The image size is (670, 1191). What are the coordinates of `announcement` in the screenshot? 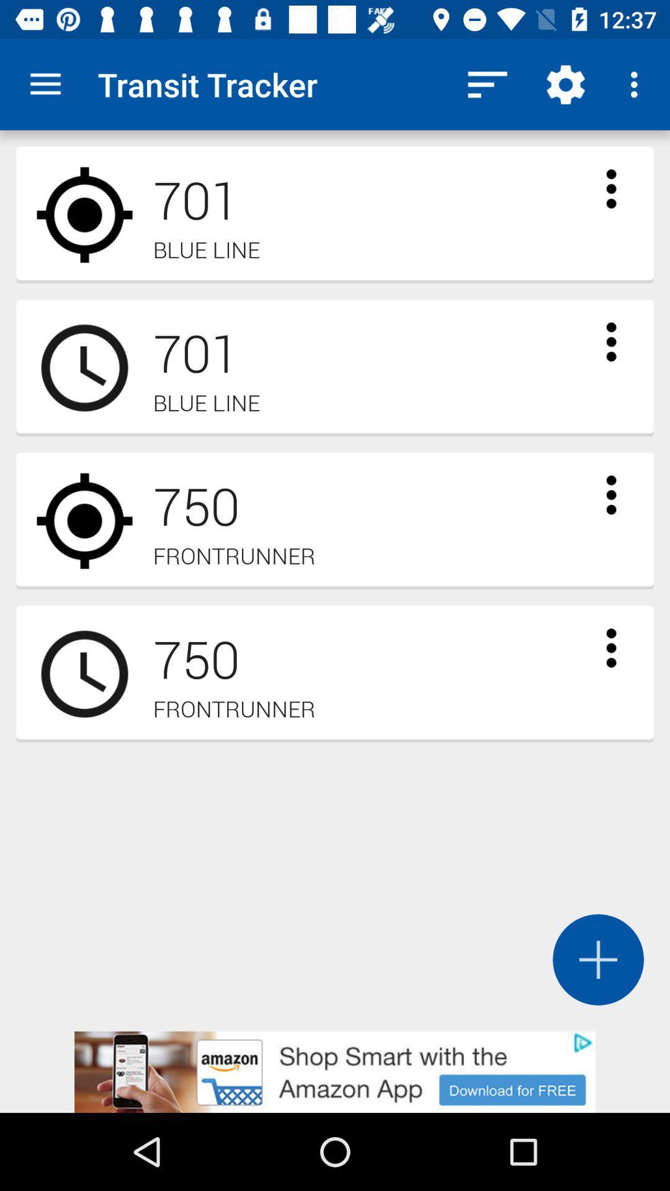 It's located at (335, 1071).